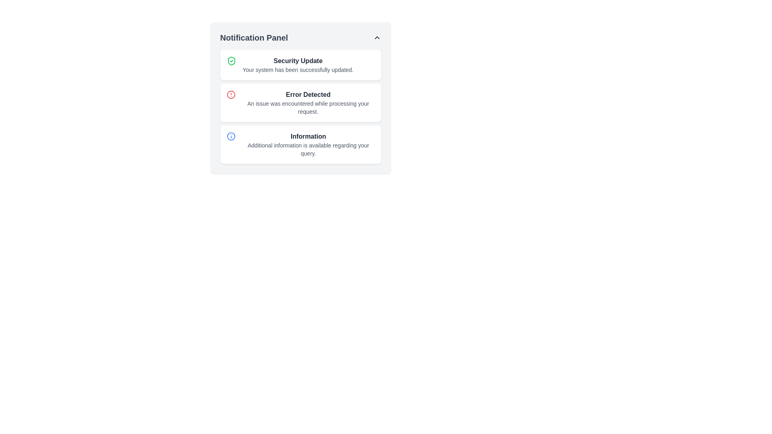  I want to click on the shield icon with a checkmark in the center, which indicates a security confirmation, located in the notification card under the 'Notification Panel' heading, next to the text 'Security Update', so click(231, 60).